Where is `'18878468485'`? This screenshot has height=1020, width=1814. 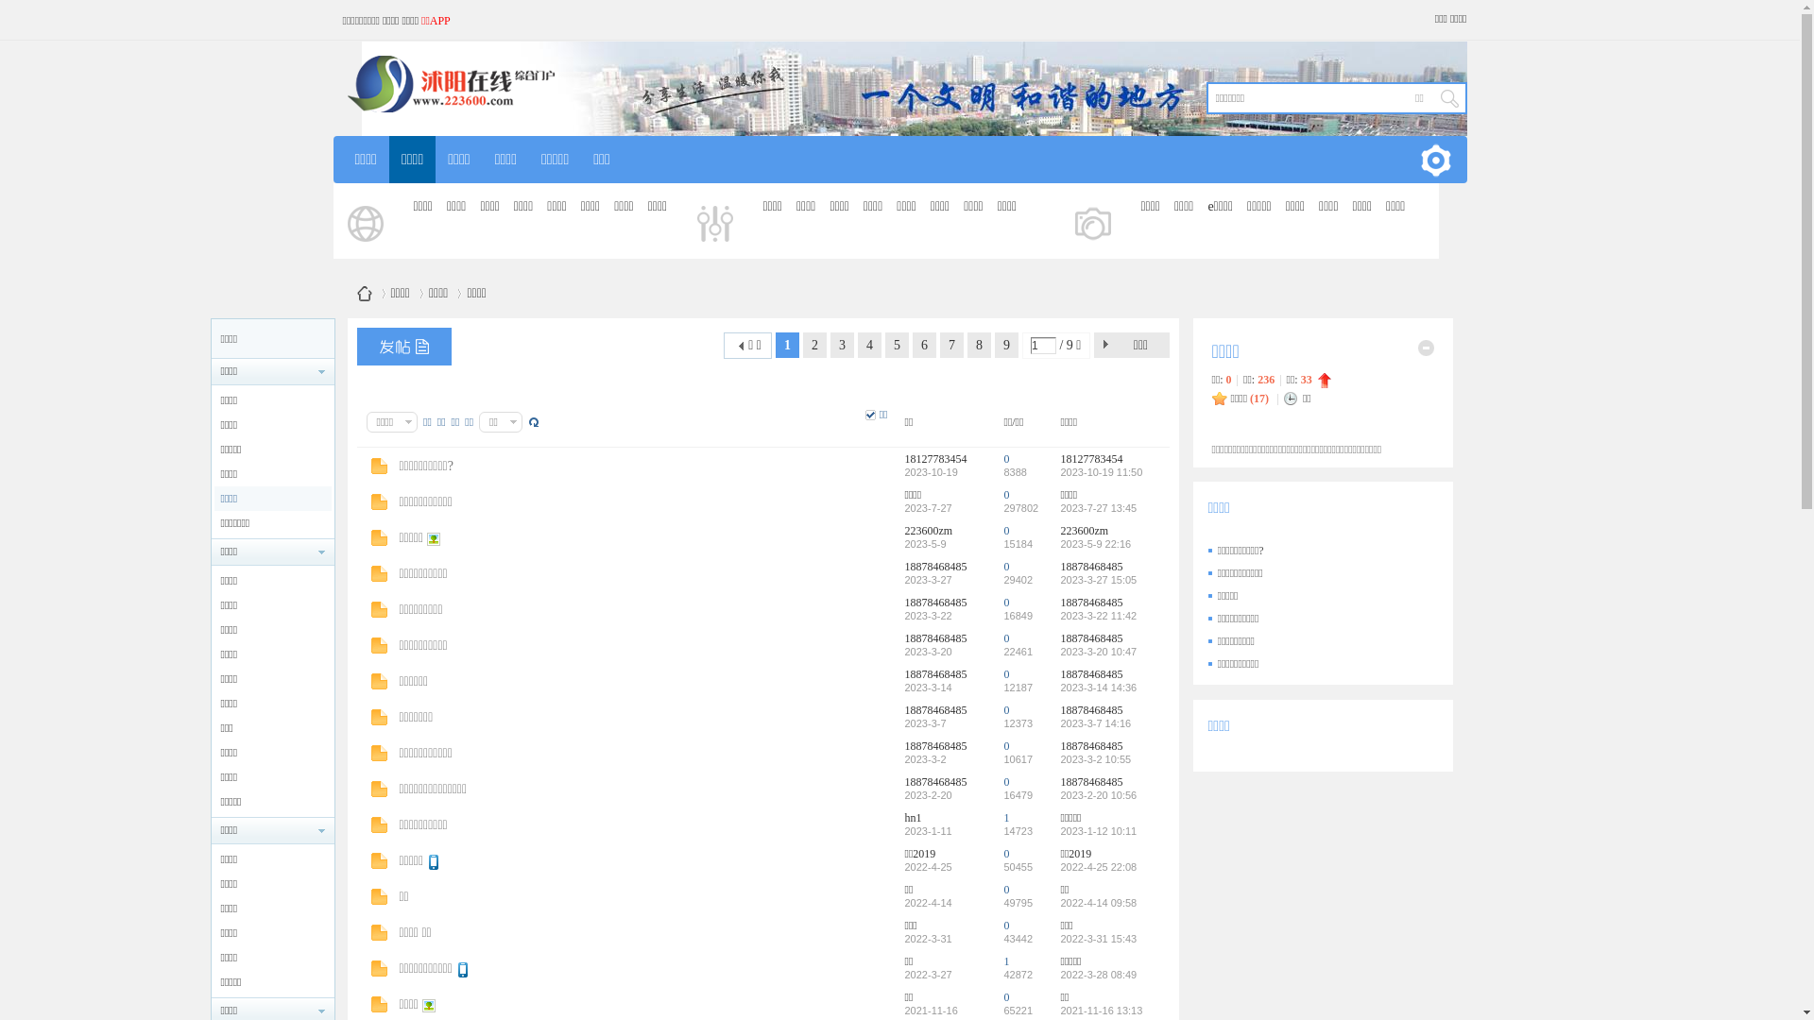
'18878468485' is located at coordinates (935, 672).